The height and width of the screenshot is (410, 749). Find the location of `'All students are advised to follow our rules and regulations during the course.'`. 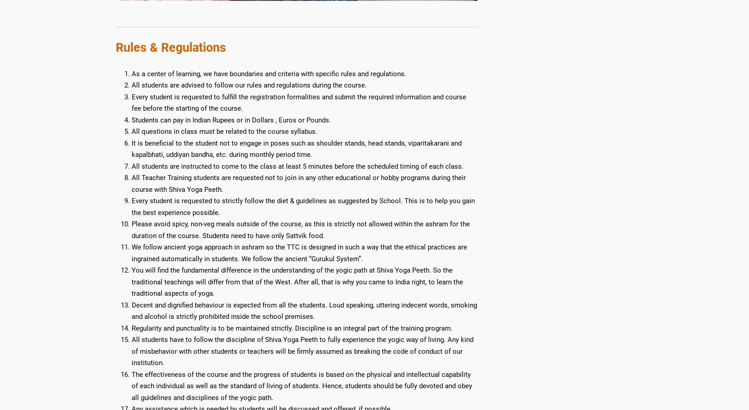

'All students are advised to follow our rules and regulations during the course.' is located at coordinates (248, 85).